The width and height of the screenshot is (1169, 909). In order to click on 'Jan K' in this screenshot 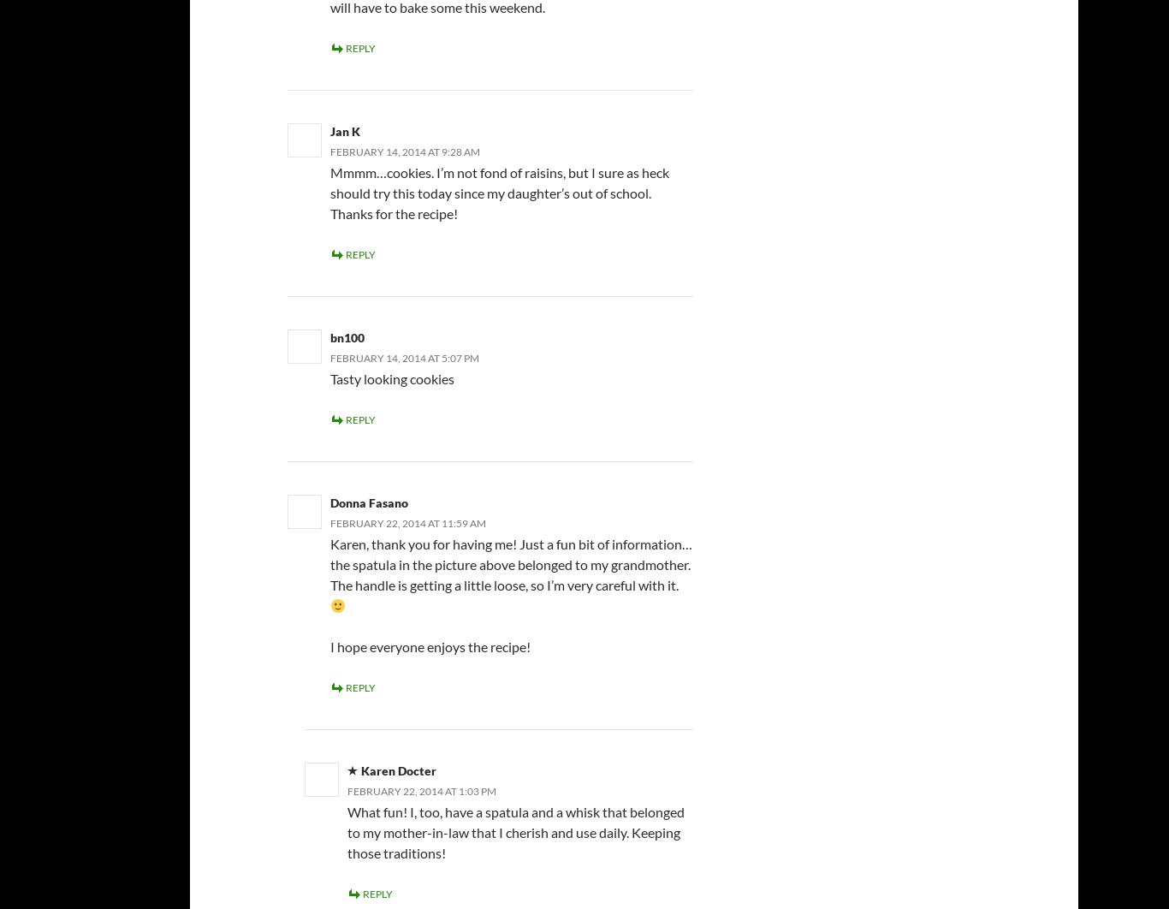, I will do `click(344, 131)`.